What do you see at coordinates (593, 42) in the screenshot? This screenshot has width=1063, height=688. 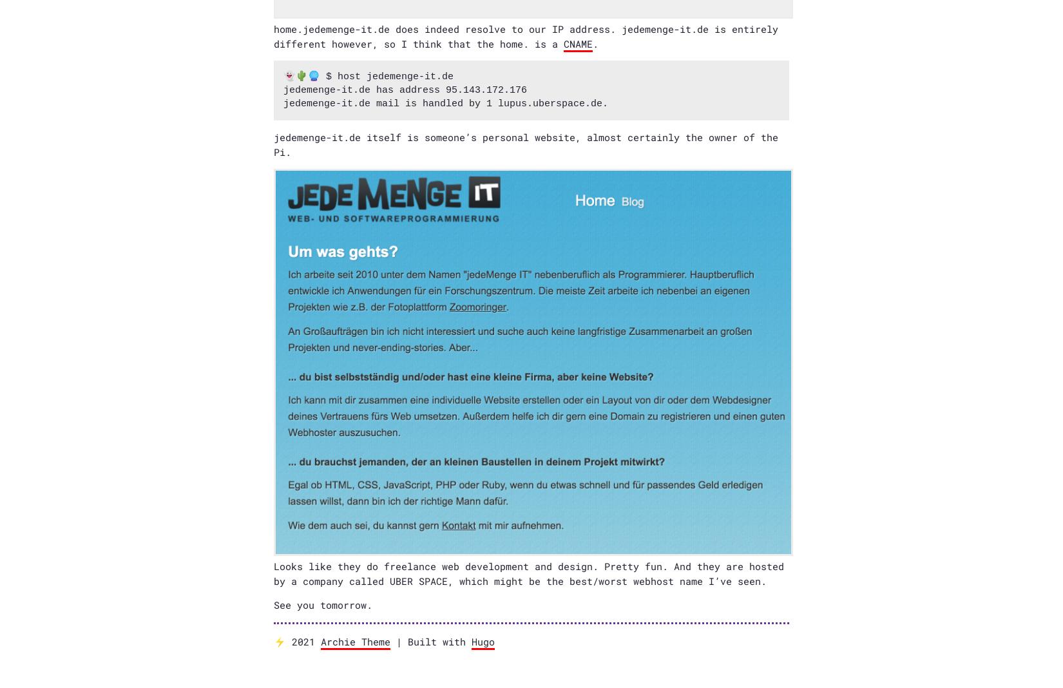 I see `'.'` at bounding box center [593, 42].